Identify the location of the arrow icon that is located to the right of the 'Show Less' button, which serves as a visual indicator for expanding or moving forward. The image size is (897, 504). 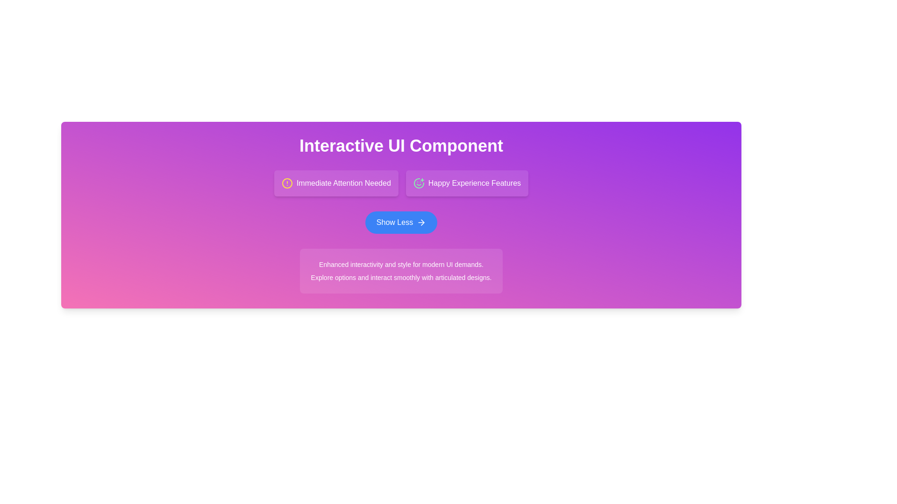
(421, 223).